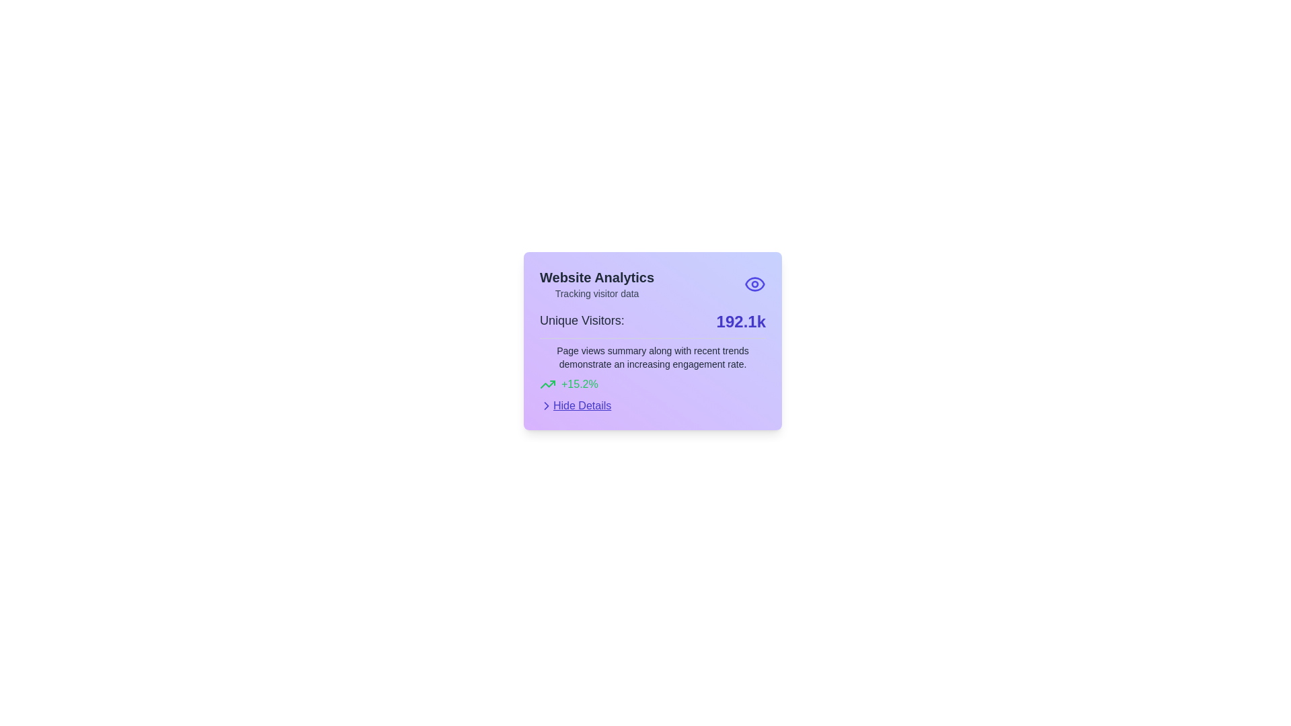  What do you see at coordinates (740, 321) in the screenshot?
I see `displayed numeric value '192.1k' from the text label styled in a large, bold, dark indigo font, located beside the label 'Unique Visitors:' in a data card with a purple background` at bounding box center [740, 321].